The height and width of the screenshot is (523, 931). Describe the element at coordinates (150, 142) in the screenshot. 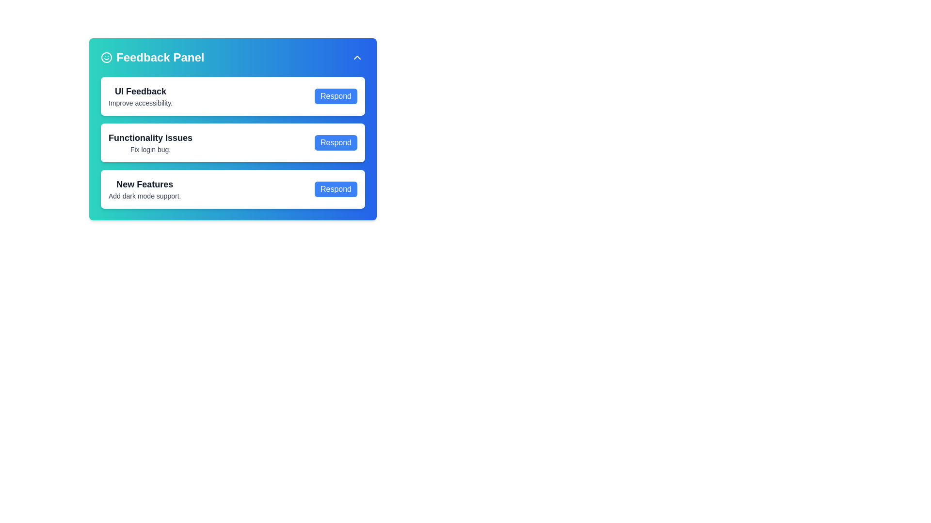

I see `text content of the feedback item located in the feedback panel, which is the second item in a vertically stacked list, positioned between 'UI Feedback' and 'New Features'` at that location.